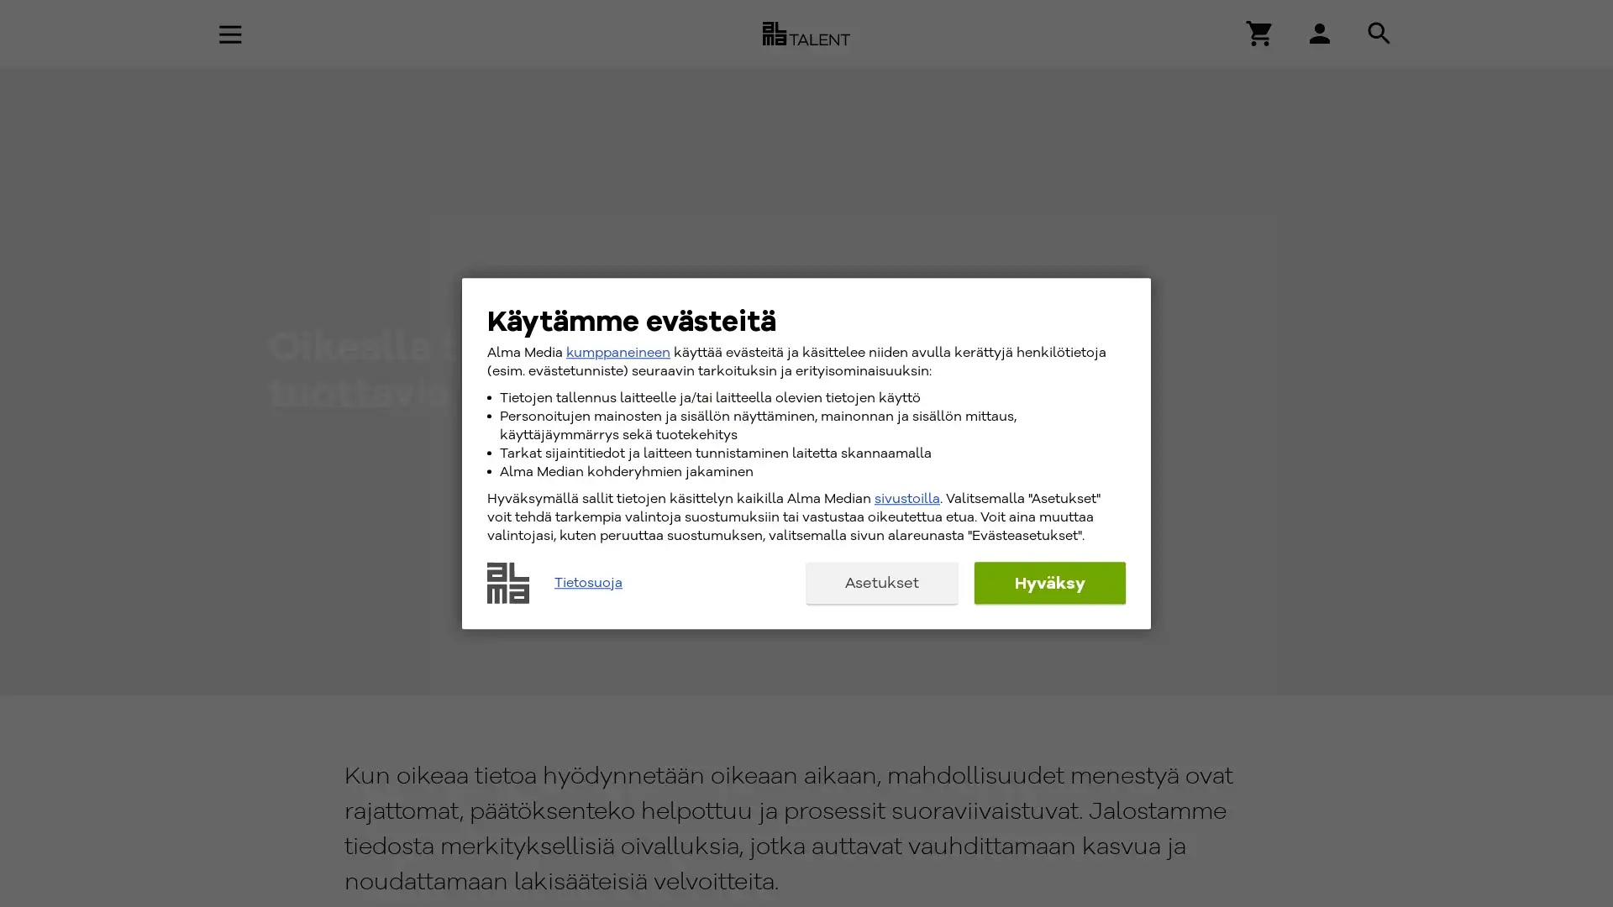 The width and height of the screenshot is (1613, 907). Describe the element at coordinates (1048, 581) in the screenshot. I see `Hyvaksy` at that location.